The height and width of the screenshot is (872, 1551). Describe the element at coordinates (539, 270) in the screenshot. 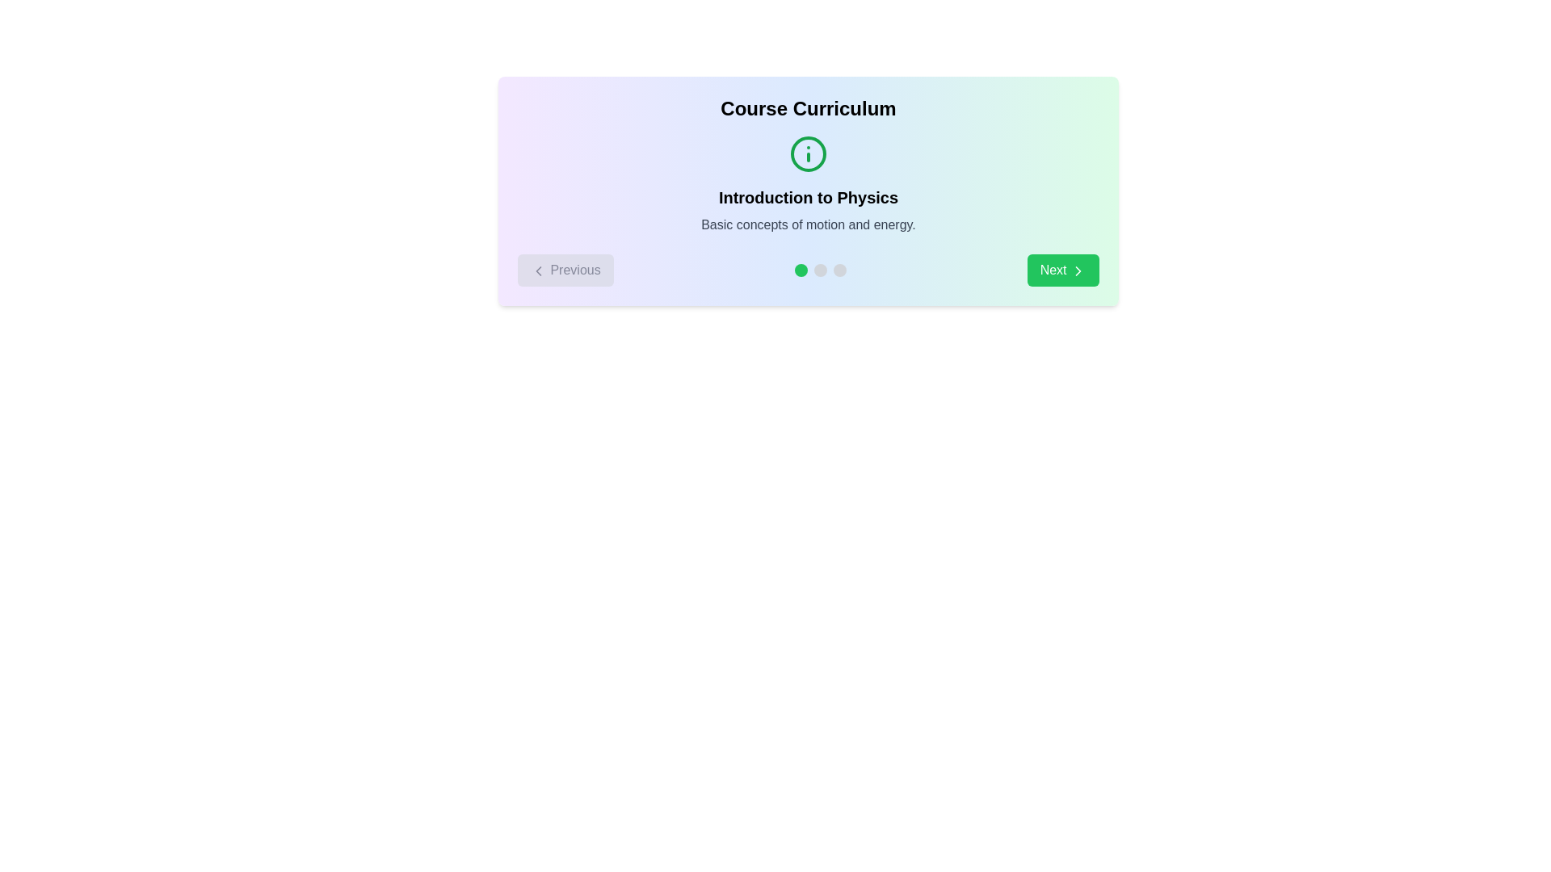

I see `the left-pointing arrow icon within the 'Previous' button` at that location.